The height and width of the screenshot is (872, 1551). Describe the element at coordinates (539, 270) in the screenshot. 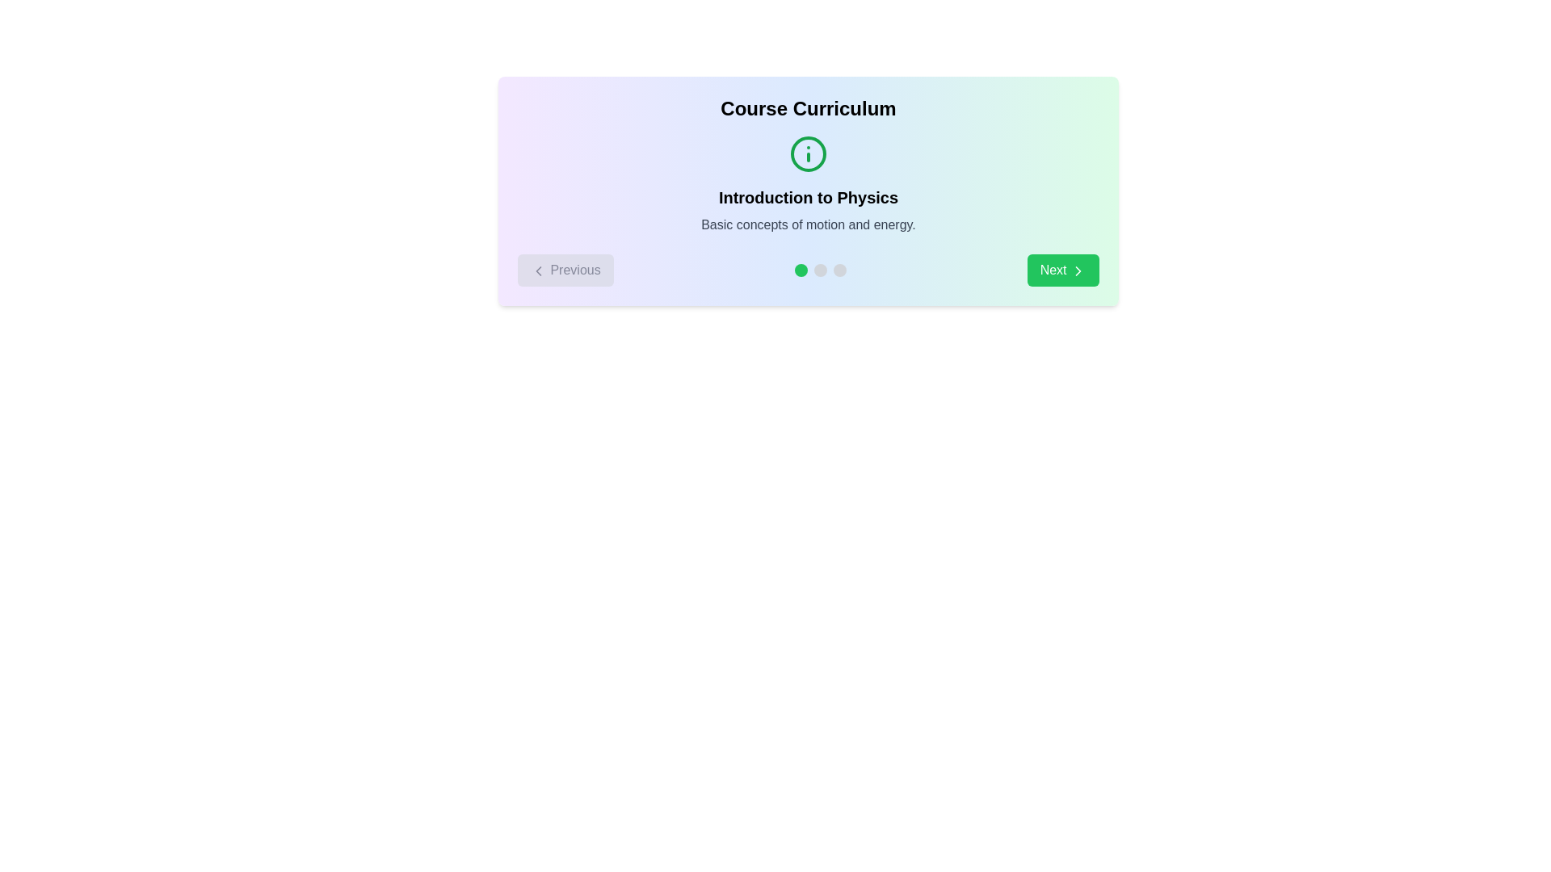

I see `the left-pointing arrow icon within the 'Previous' button` at that location.